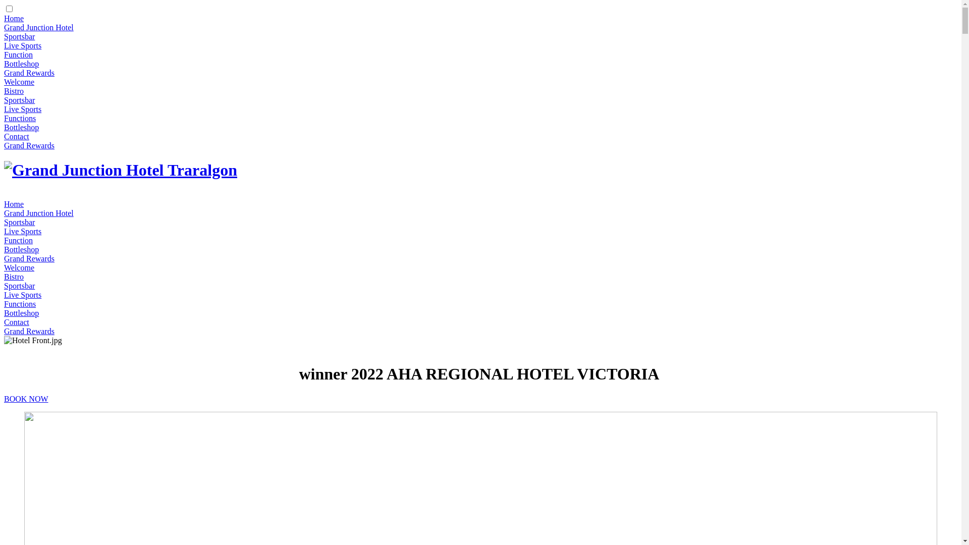  Describe the element at coordinates (17, 322) in the screenshot. I see `'Contact'` at that location.